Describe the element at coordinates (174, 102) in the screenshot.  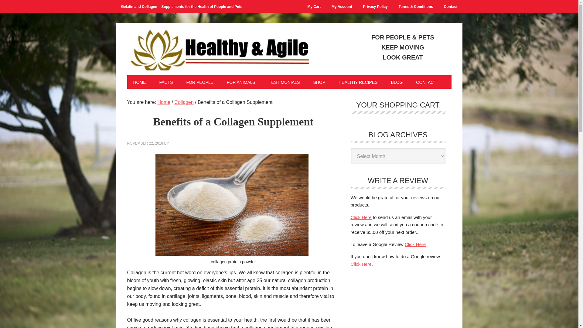
I see `'Collagen'` at that location.